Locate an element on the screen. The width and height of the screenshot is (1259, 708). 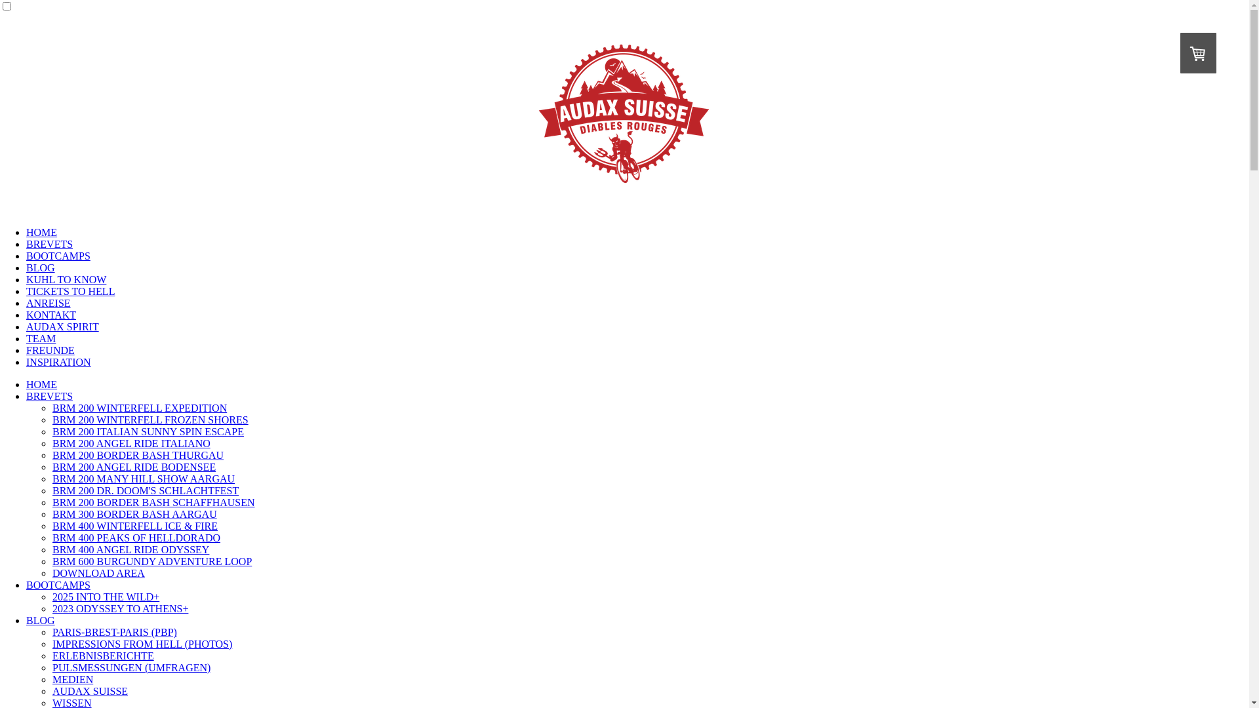
'BRM 200 ANGEL RIDE BODENSEE' is located at coordinates (134, 466).